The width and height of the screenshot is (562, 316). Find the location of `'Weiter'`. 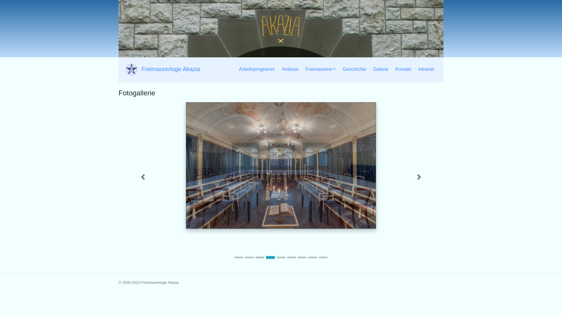

'Weiter' is located at coordinates (395, 177).